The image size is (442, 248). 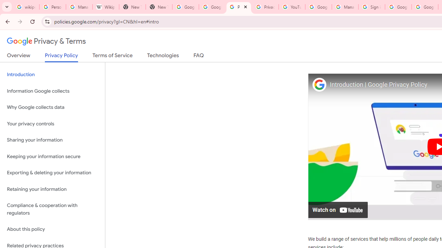 What do you see at coordinates (52, 173) in the screenshot?
I see `'Exporting & deleting your information'` at bounding box center [52, 173].